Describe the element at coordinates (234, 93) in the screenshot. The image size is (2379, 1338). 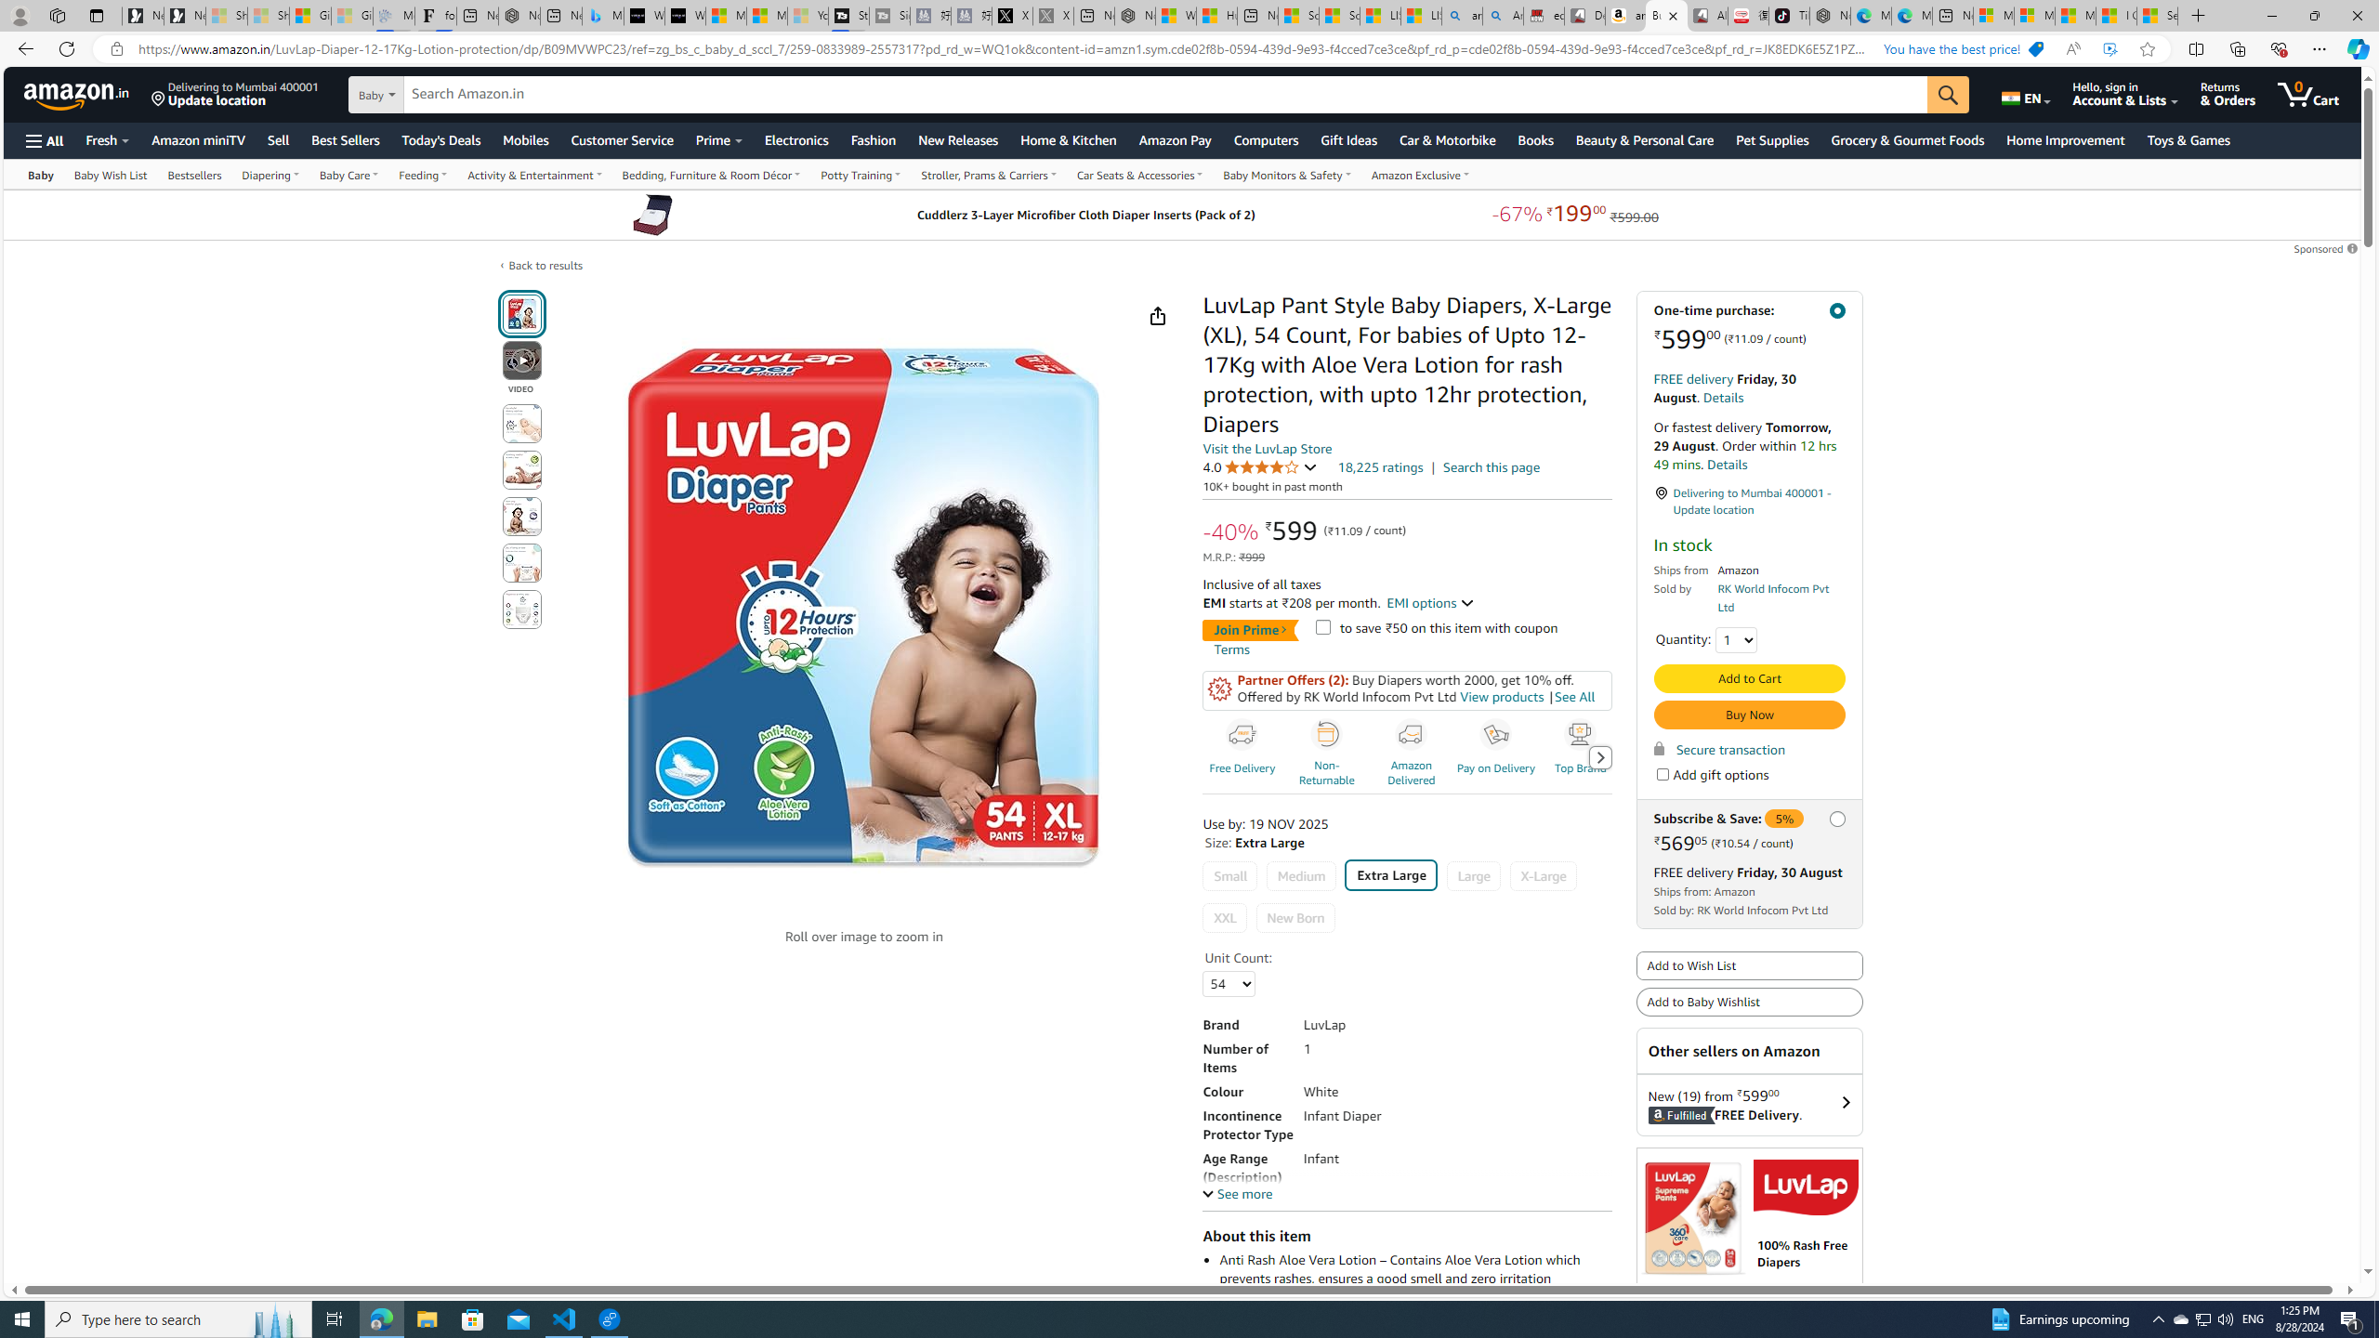
I see `'Delivering to Mumbai 400001 Update location'` at that location.